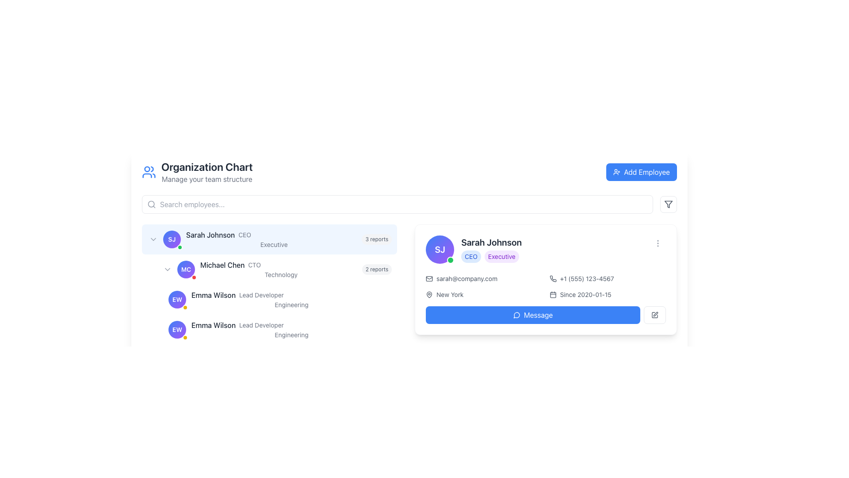 This screenshot has height=478, width=849. Describe the element at coordinates (222, 264) in the screenshot. I see `the text label displaying 'Michael Chen' which is positioned next to the avatar and role description in the organizational chart, located under the 'Sarah Johnson' CEO entry` at that location.